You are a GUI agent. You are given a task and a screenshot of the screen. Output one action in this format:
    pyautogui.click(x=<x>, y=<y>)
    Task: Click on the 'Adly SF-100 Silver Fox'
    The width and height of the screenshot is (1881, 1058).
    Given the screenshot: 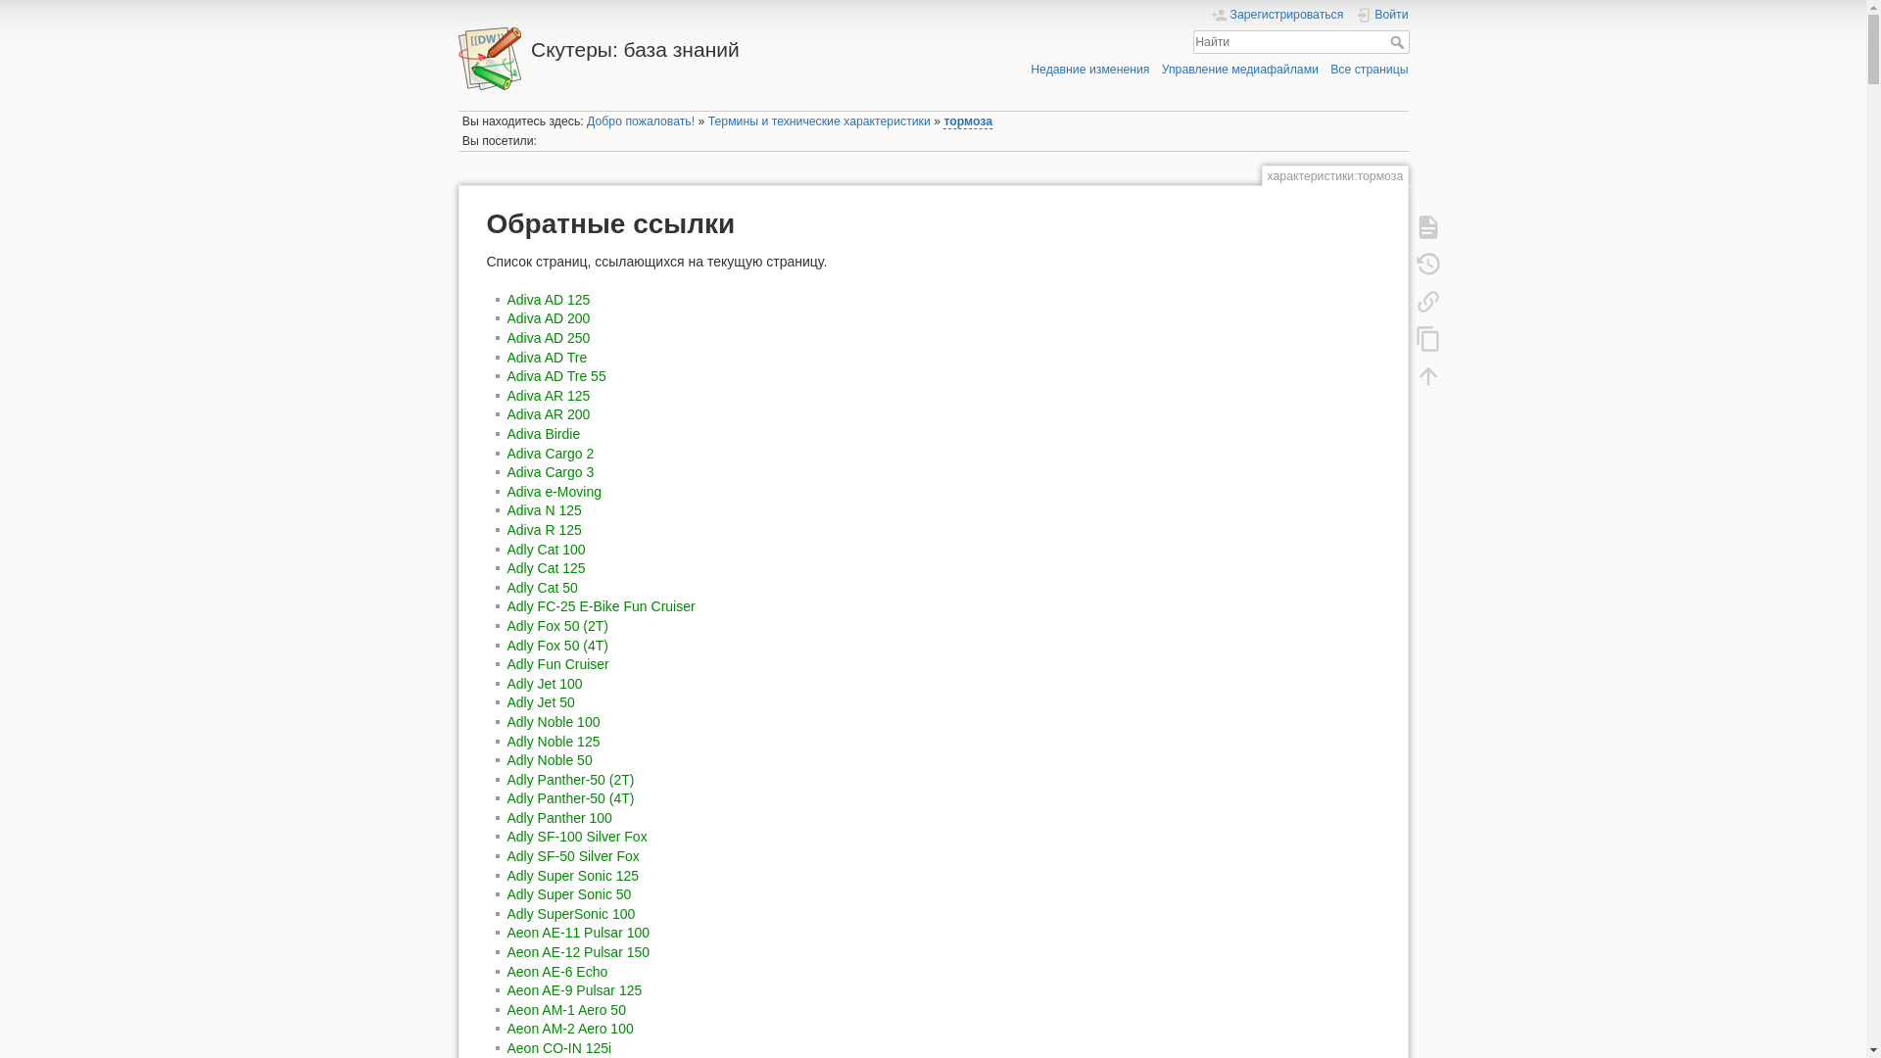 What is the action you would take?
    pyautogui.click(x=576, y=836)
    